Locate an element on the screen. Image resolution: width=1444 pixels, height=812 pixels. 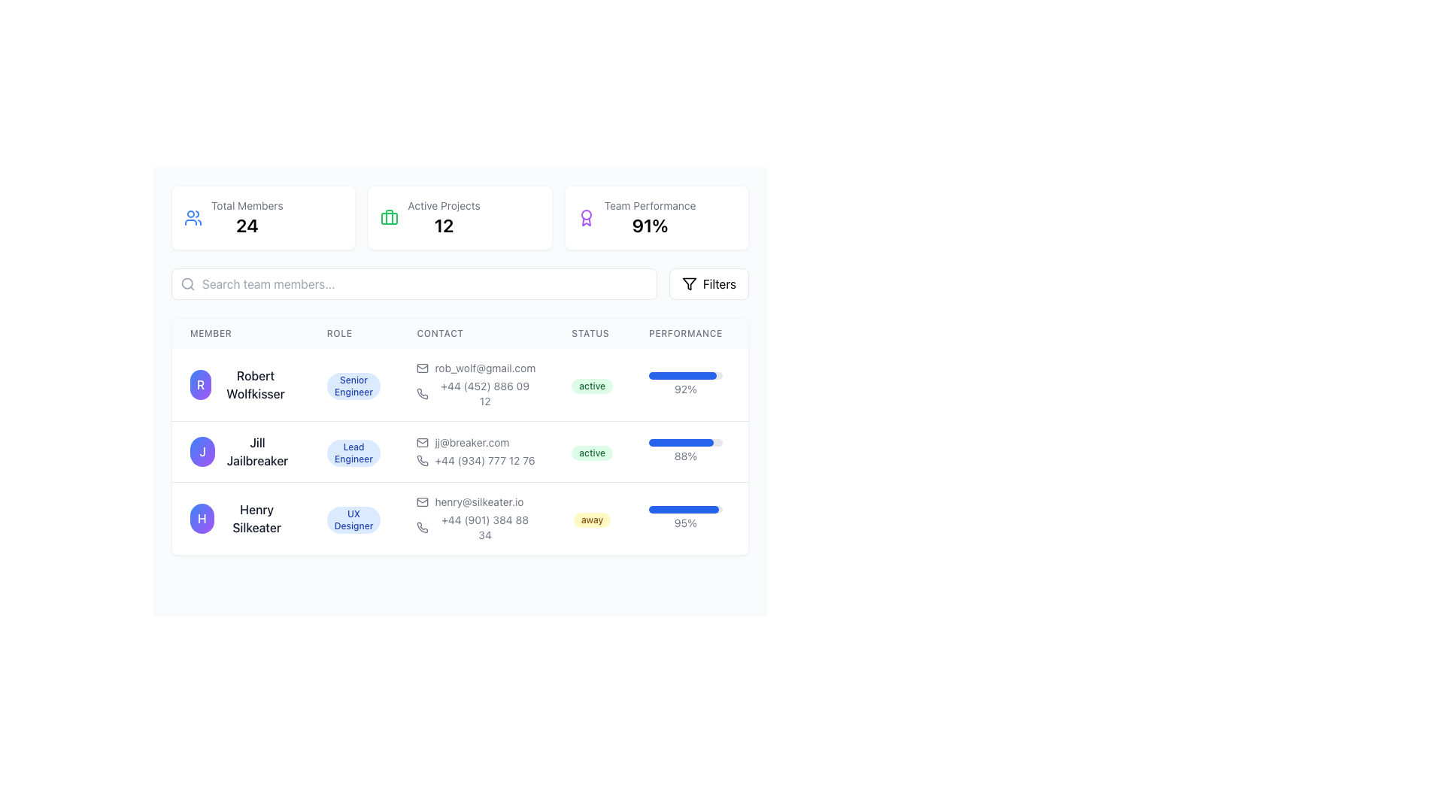
the text label displaying the name 'Robert Wolfkisser', which is positioned centrally in the 'Member' column next to a circular avatar is located at coordinates (256, 384).